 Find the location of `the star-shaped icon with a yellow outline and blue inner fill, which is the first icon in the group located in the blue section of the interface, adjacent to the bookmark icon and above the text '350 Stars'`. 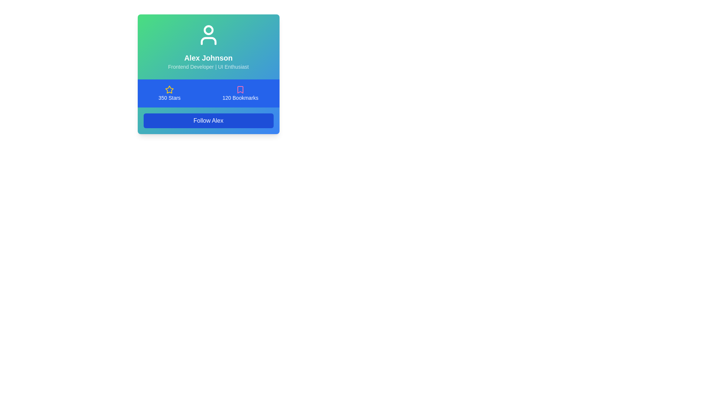

the star-shaped icon with a yellow outline and blue inner fill, which is the first icon in the group located in the blue section of the interface, adjacent to the bookmark icon and above the text '350 Stars' is located at coordinates (169, 89).